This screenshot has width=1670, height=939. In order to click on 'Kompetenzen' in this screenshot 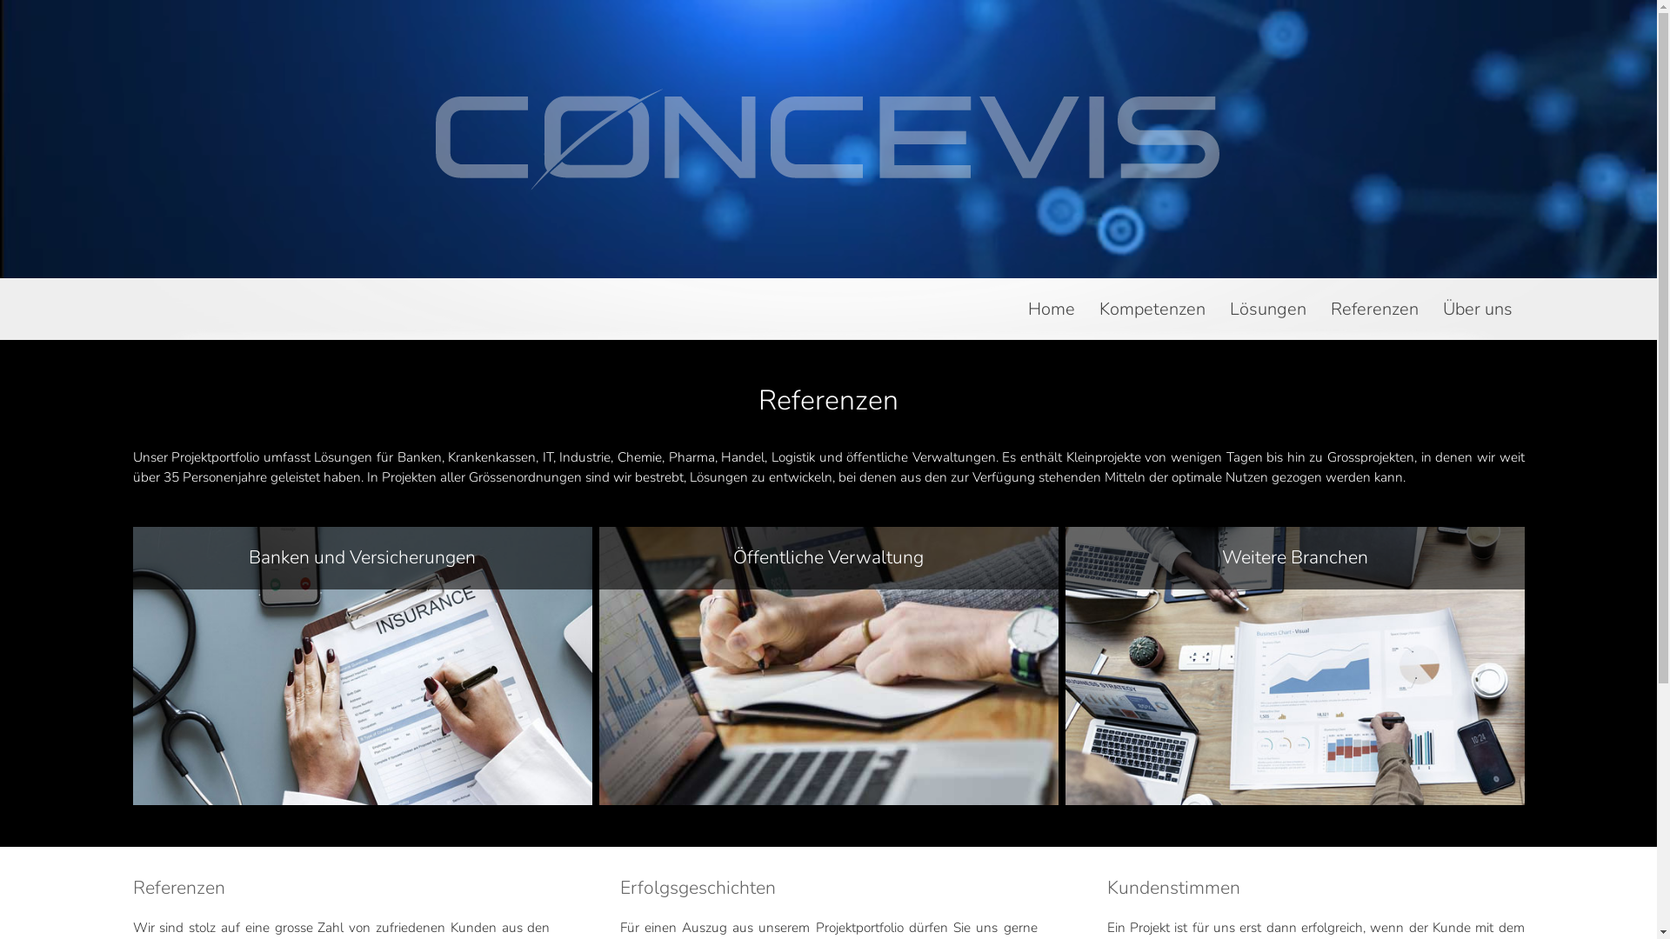, I will do `click(1152, 317)`.